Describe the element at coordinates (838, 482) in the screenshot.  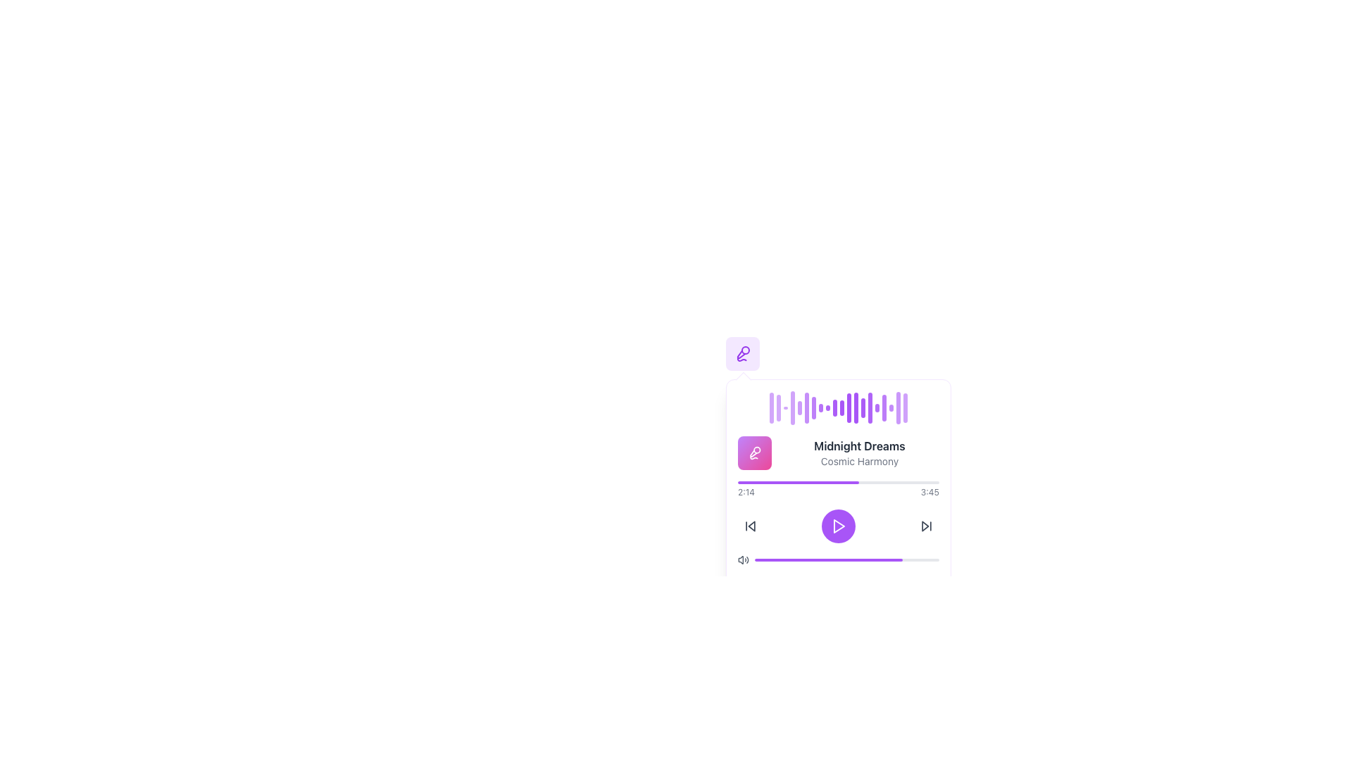
I see `the progress update visually during playback on the progress bar located below the title 'Midnight Dreams' in the audio player interface` at that location.